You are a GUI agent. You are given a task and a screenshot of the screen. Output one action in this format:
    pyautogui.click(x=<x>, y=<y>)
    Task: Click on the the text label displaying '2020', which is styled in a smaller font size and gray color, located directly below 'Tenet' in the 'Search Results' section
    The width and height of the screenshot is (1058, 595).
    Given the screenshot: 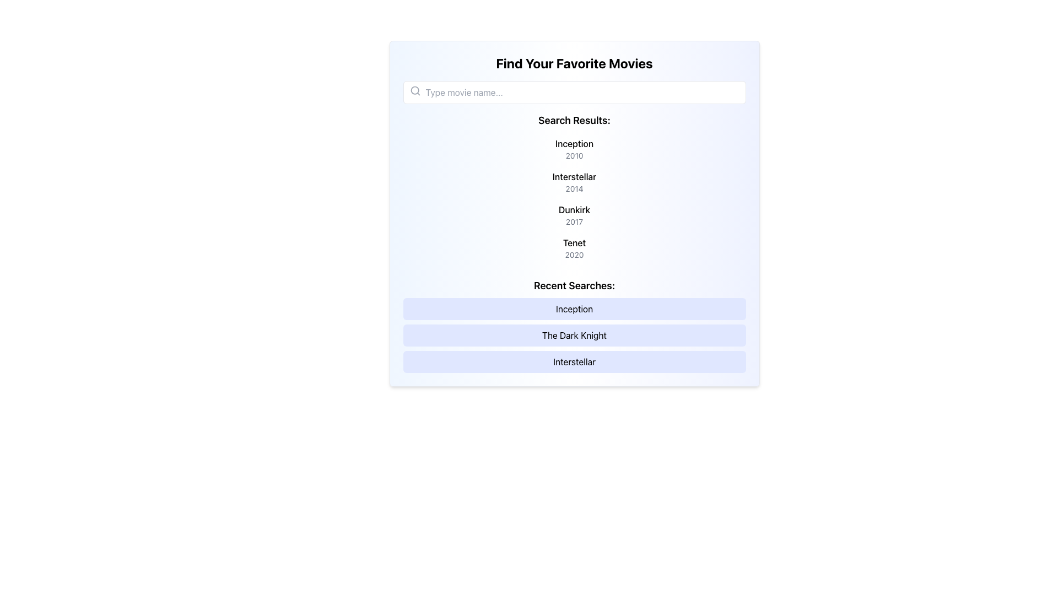 What is the action you would take?
    pyautogui.click(x=574, y=255)
    